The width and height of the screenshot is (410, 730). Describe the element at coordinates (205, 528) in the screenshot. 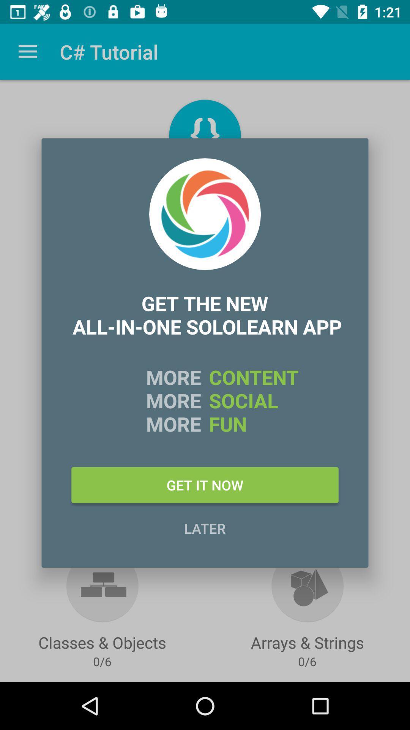

I see `later item` at that location.